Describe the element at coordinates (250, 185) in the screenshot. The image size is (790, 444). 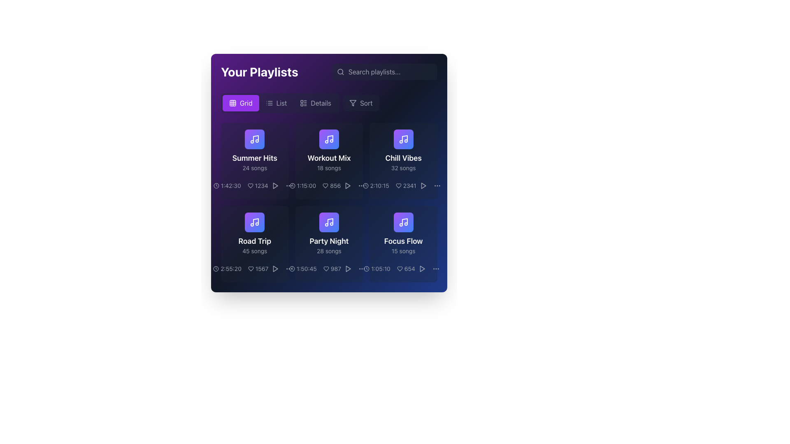
I see `the heart-shaped icon indicating likes for the 'Summer Hits' playlist` at that location.